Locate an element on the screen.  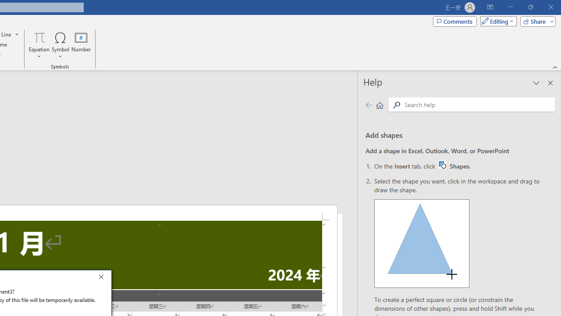
'Comments' is located at coordinates (455, 21).